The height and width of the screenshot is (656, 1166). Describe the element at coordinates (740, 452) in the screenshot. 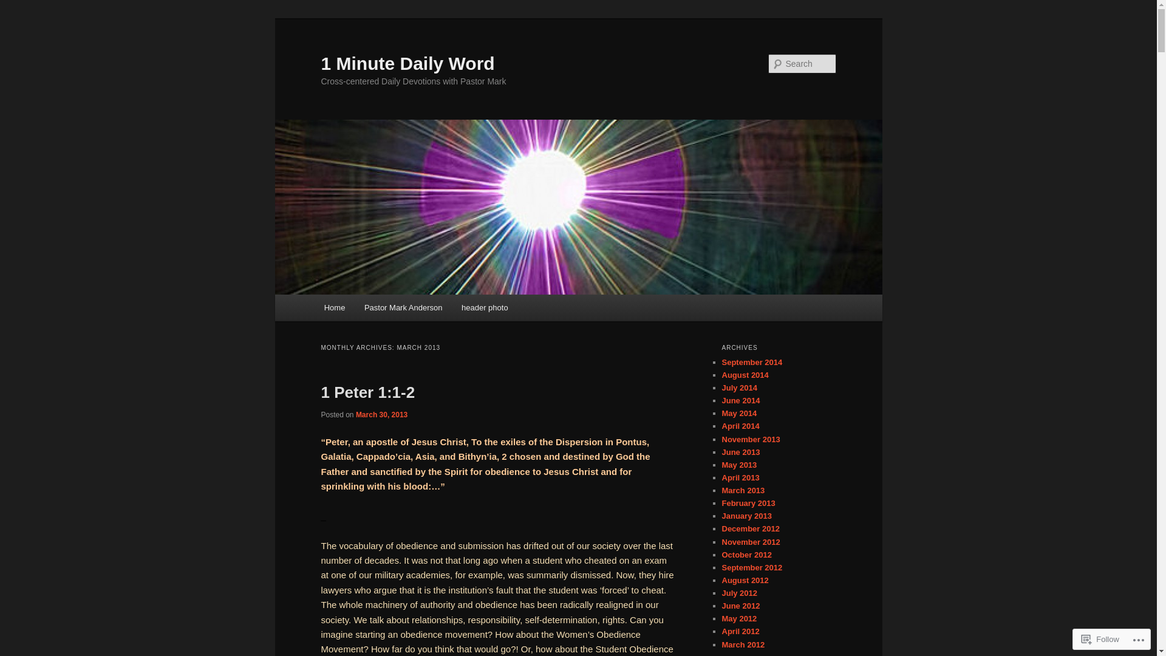

I see `'June 2013'` at that location.